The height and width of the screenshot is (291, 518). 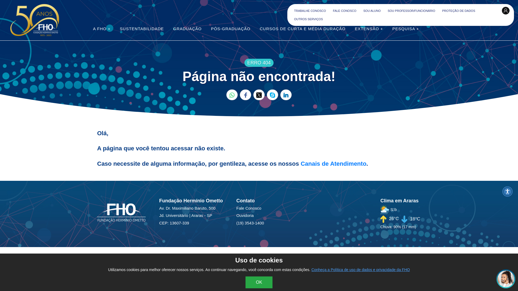 What do you see at coordinates (388, 29) in the screenshot?
I see `'PESQUISA +'` at bounding box center [388, 29].